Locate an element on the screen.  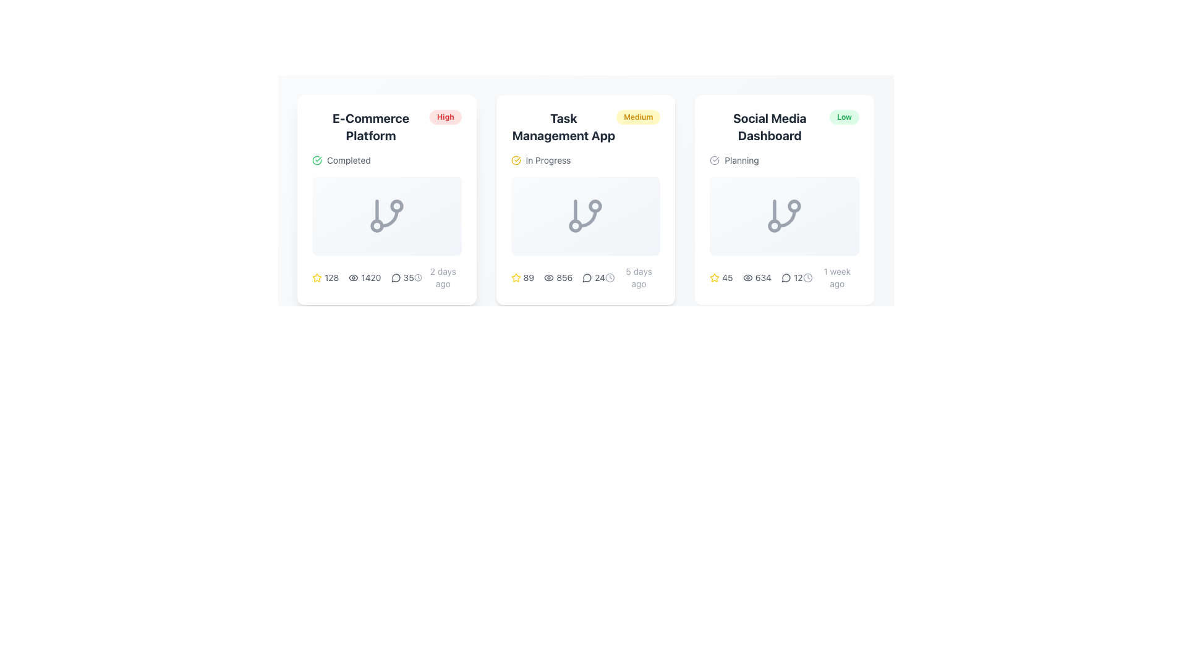
the Informational display section located at the bottom of the 'E-Commerce Platform' card is located at coordinates (386, 278).